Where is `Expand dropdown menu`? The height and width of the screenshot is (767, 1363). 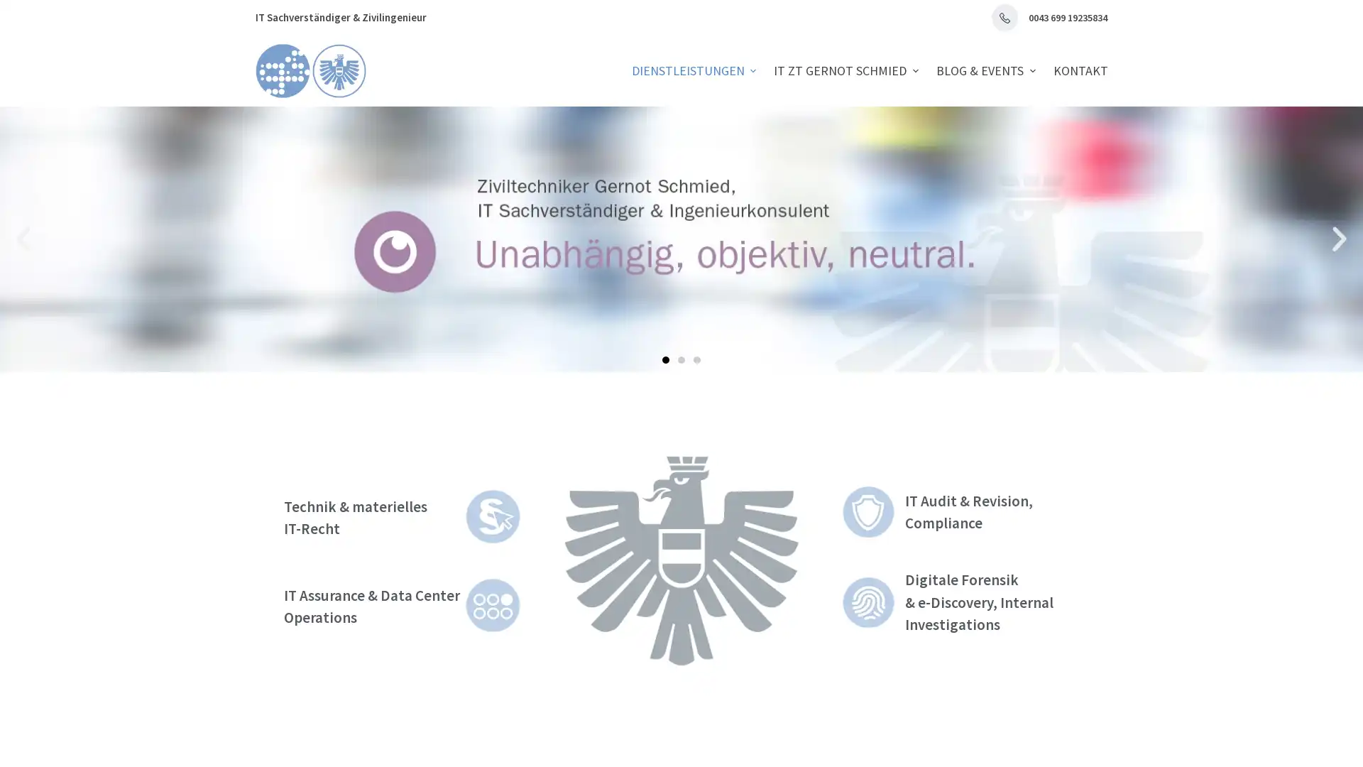 Expand dropdown menu is located at coordinates (752, 71).